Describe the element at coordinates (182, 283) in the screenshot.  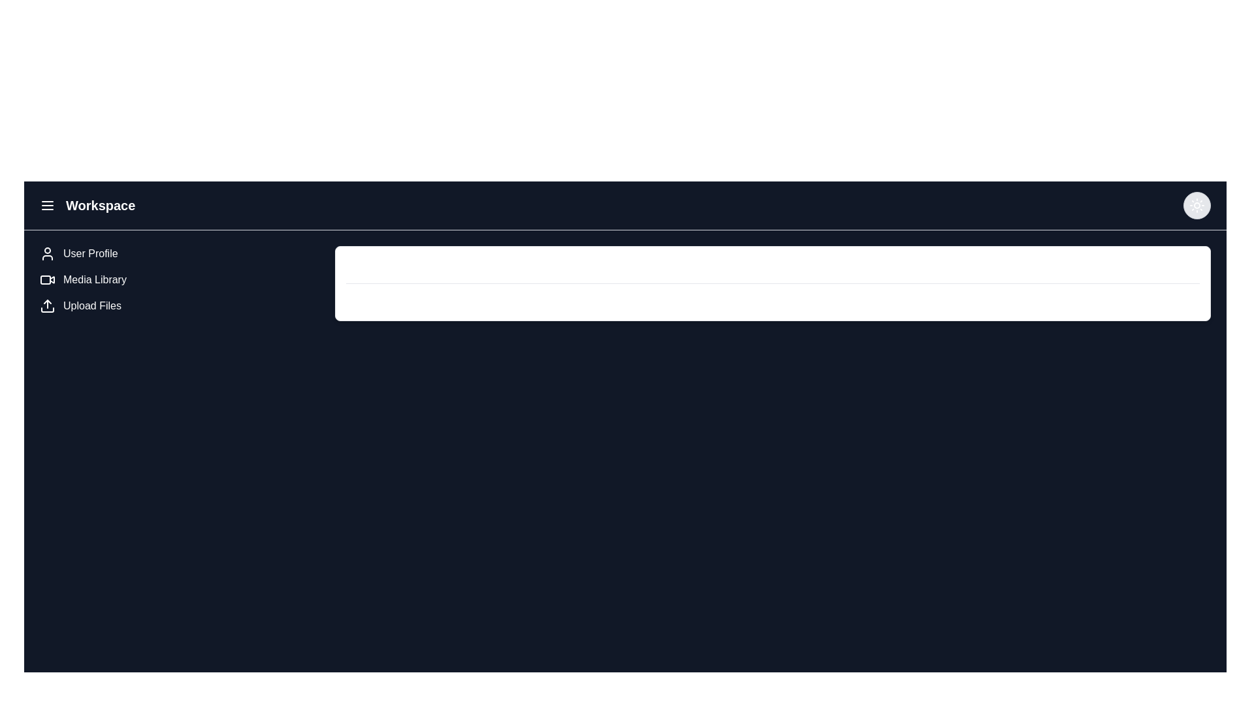
I see `the 'Media Library' link in the Grouped navigation links located in the left sidebar` at that location.